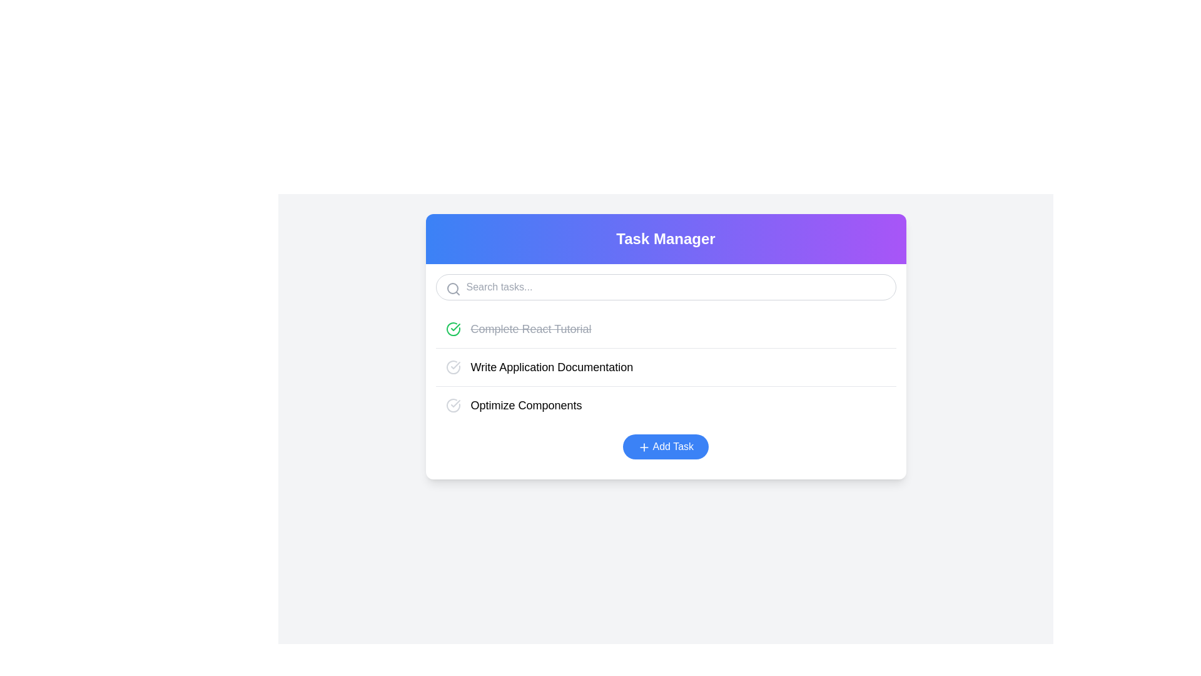 This screenshot has width=1201, height=676. What do you see at coordinates (455, 327) in the screenshot?
I see `the green checkmark icon indicating the completion of the 'Complete React Tutorial' task in the task management list` at bounding box center [455, 327].